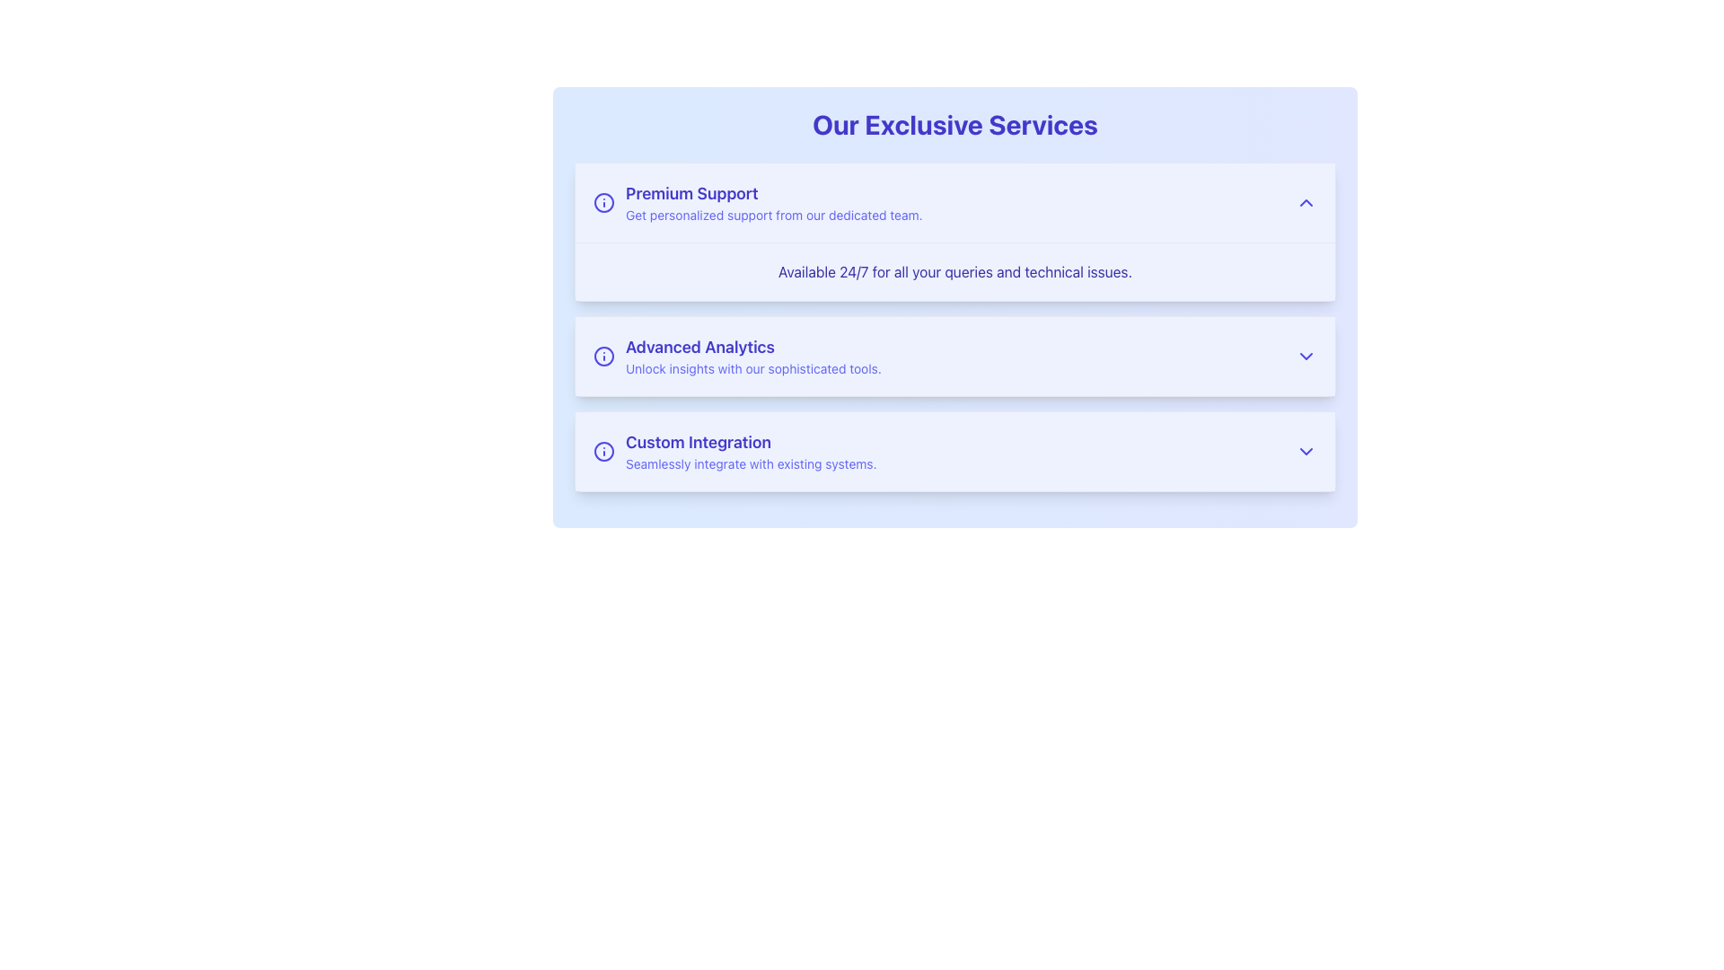 The image size is (1724, 970). Describe the element at coordinates (603, 202) in the screenshot. I see `the blue circular emblem SVG icon with an information symbol, located to the left of the 'Premium Support' header in the 'Our Exclusive Services' list` at that location.